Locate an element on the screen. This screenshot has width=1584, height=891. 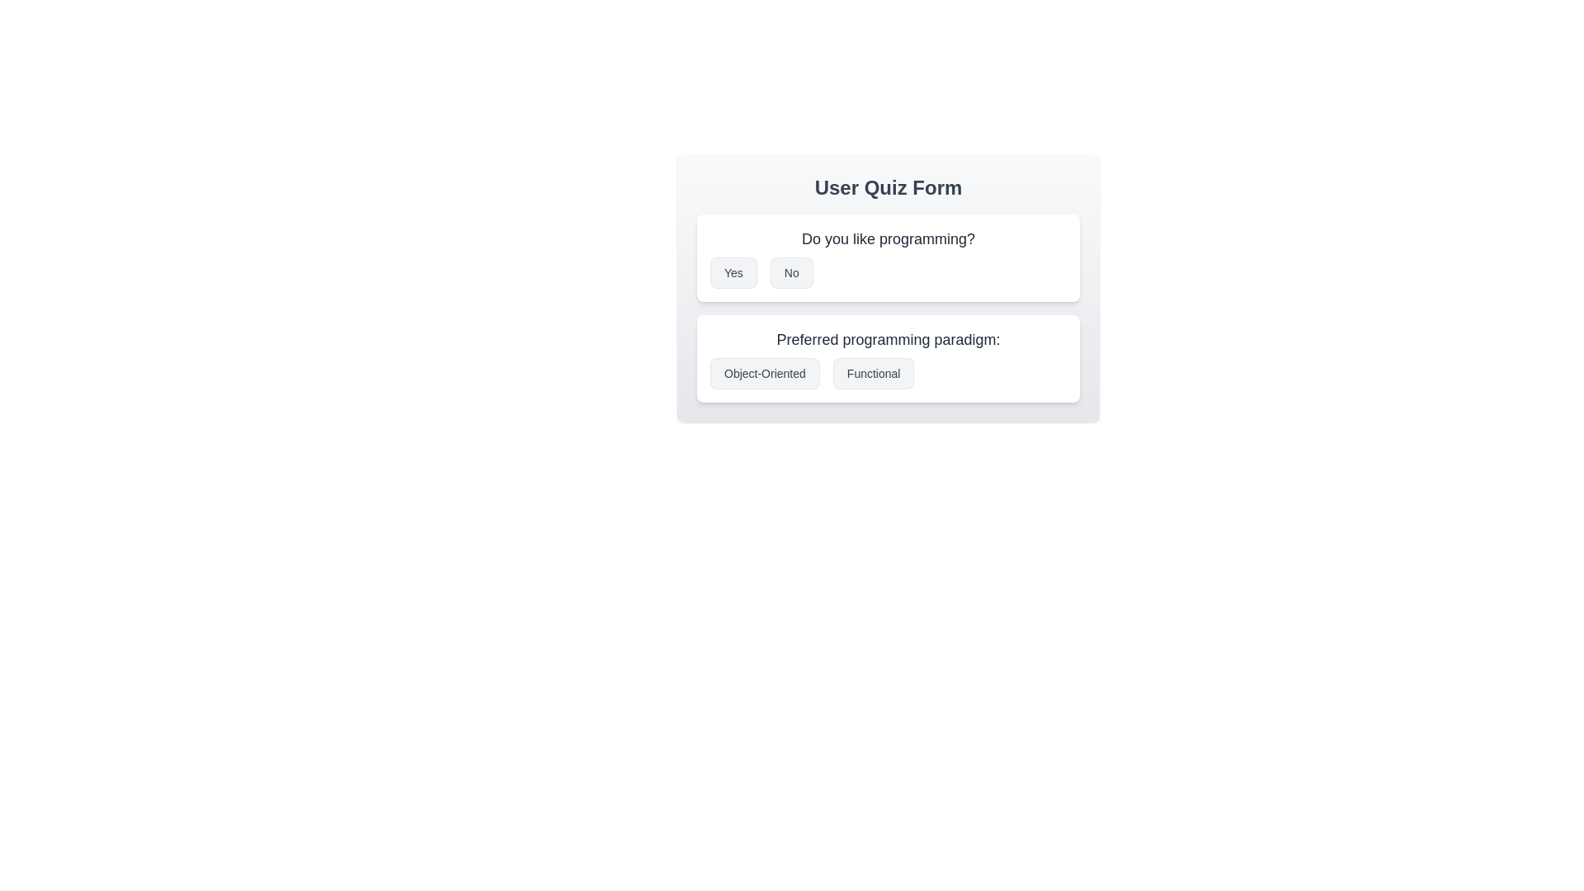
the interactive buttons group labeled 'Yes' and 'No' is located at coordinates (887, 272).